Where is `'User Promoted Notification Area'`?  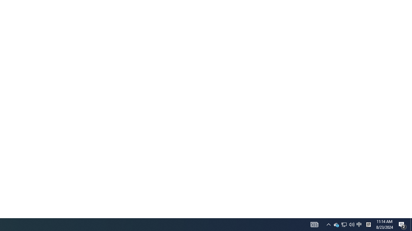 'User Promoted Notification Area' is located at coordinates (343, 224).